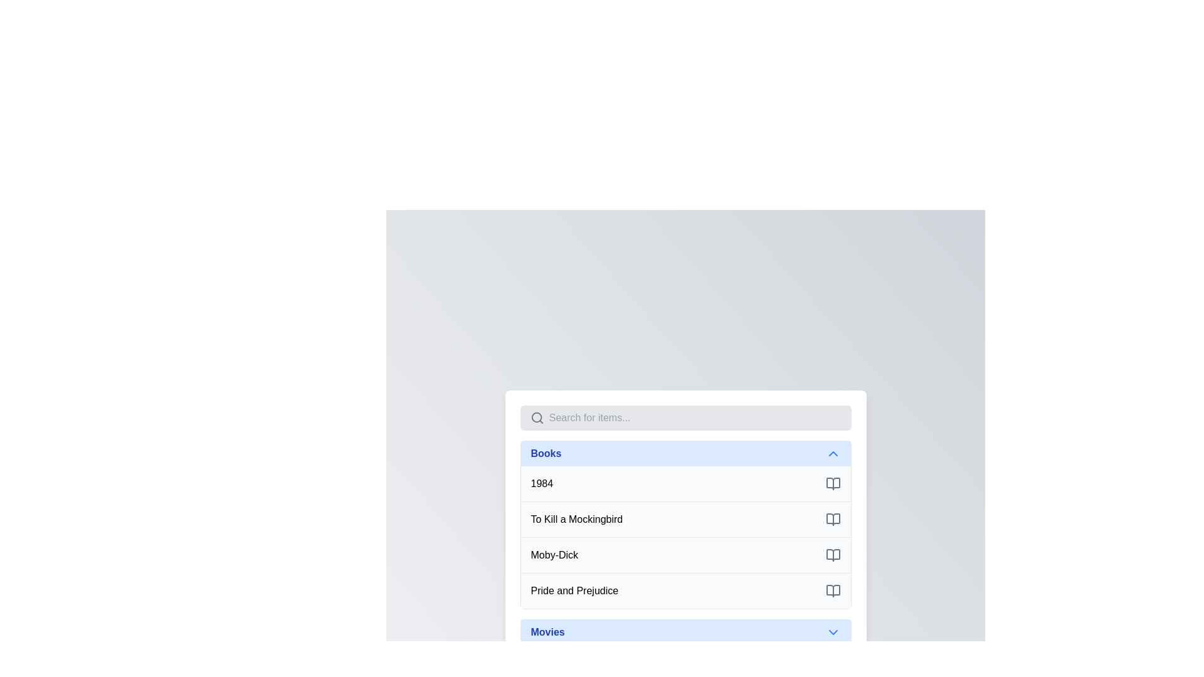  What do you see at coordinates (833, 519) in the screenshot?
I see `the gray open book icon located to the right of the text 'To Kill a Mockingbird' in the 'Books' section` at bounding box center [833, 519].